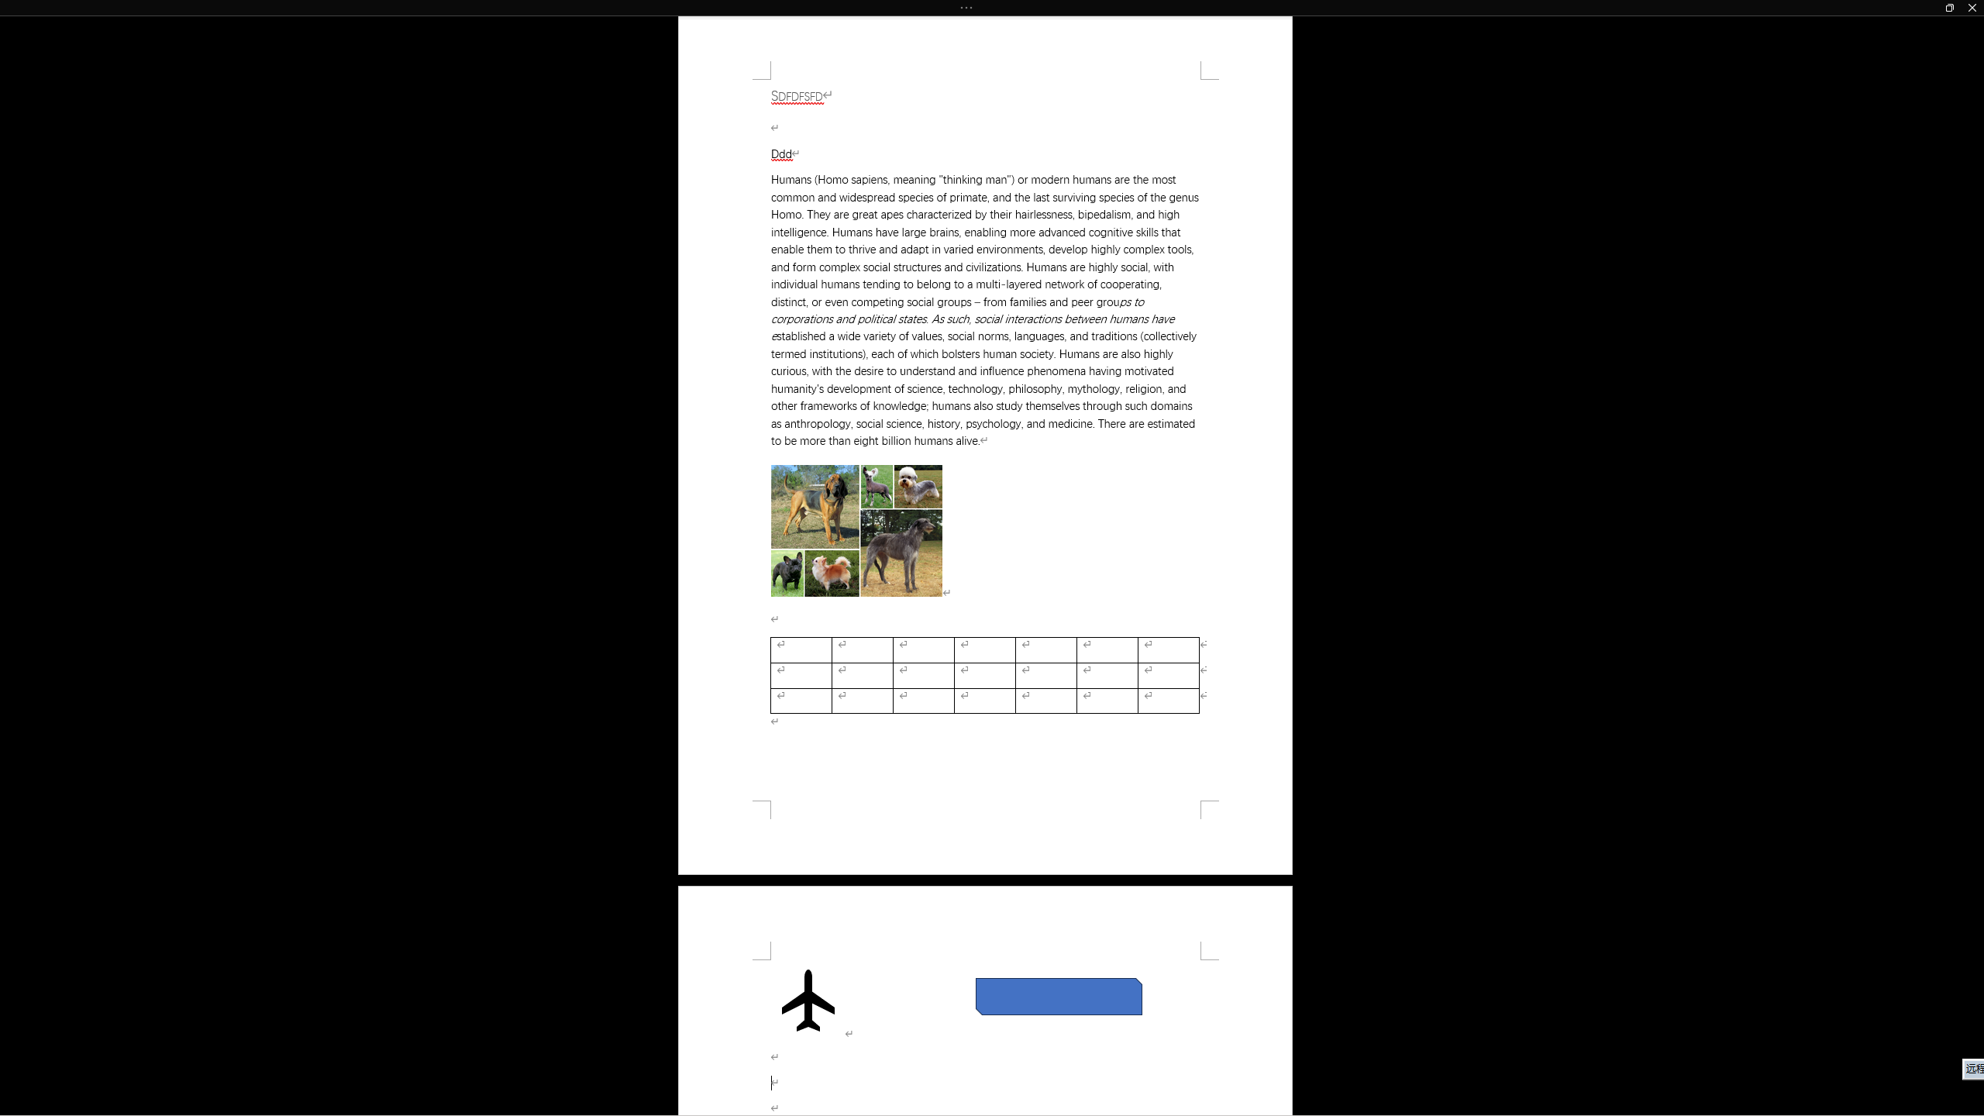 Image resolution: width=1984 pixels, height=1116 pixels. I want to click on 'Airplane with solid fill', so click(808, 1000).